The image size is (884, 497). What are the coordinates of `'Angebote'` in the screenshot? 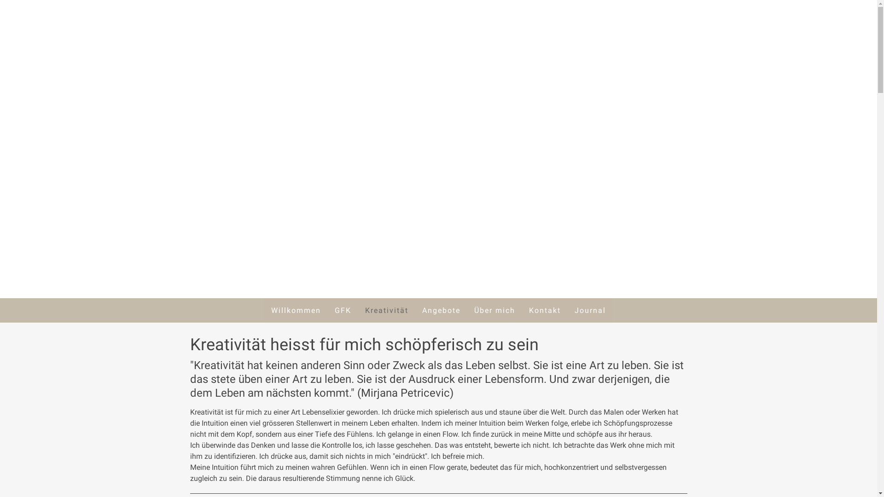 It's located at (441, 310).